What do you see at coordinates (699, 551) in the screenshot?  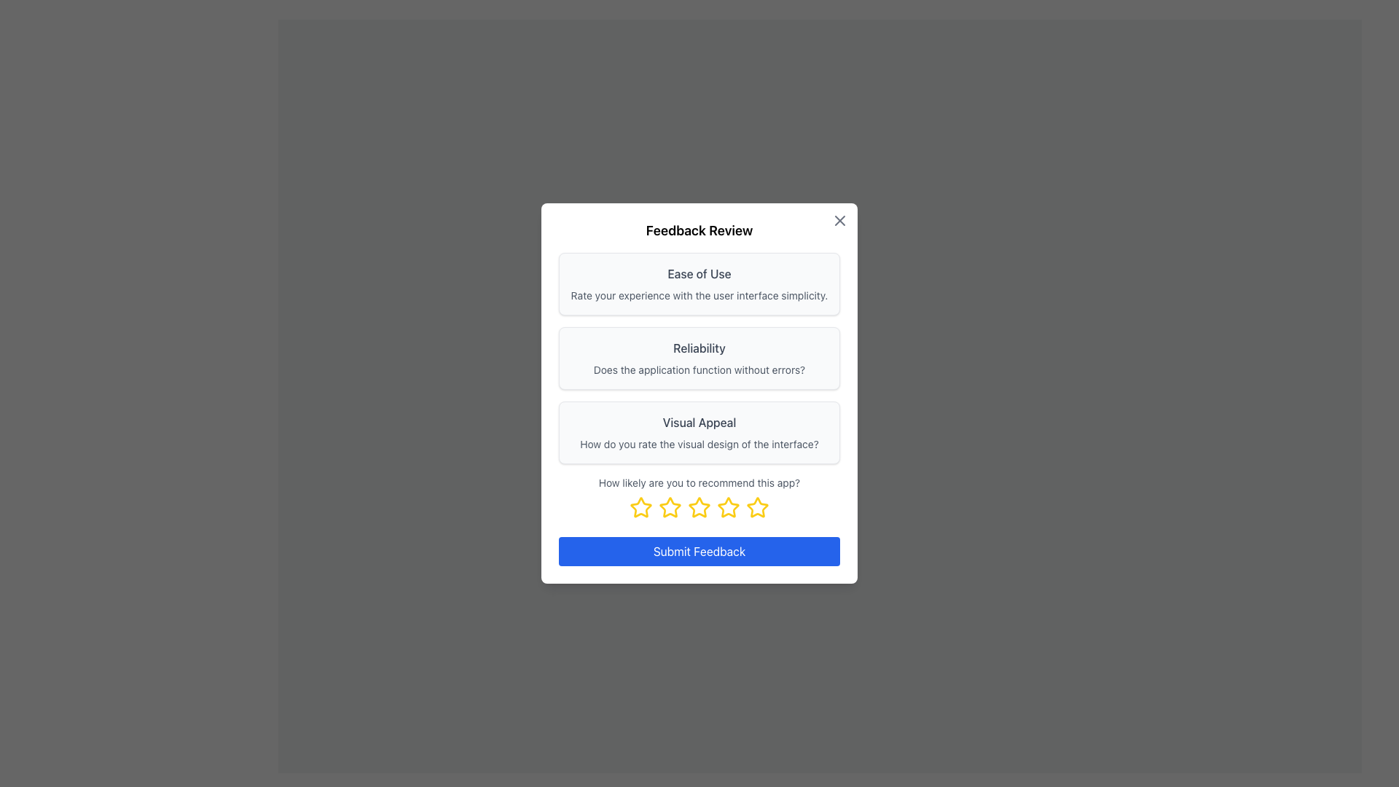 I see `the blue 'Submit Feedback' button at the bottom of the feedback form modal to change its background color` at bounding box center [699, 551].